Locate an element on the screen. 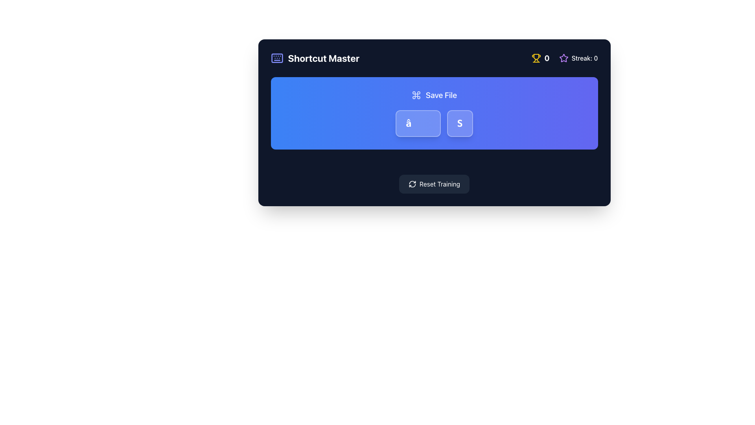  the 'Reset Training' button, which features a circular arrow icon and is is located at coordinates (412, 184).